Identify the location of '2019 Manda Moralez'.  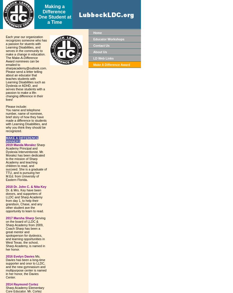
(21, 144).